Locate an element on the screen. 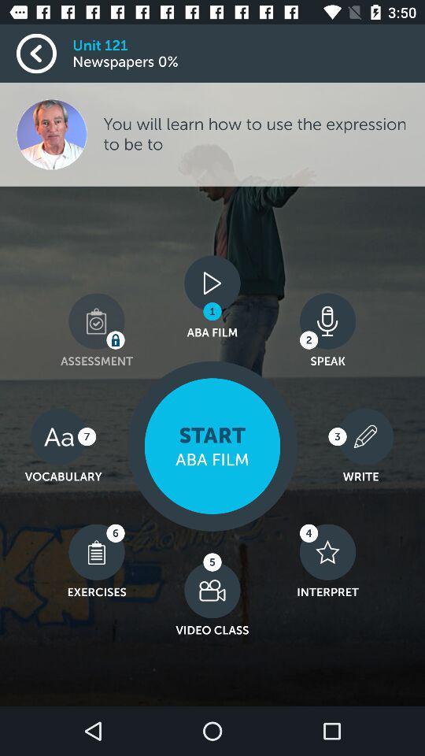  previous is located at coordinates (44, 54).